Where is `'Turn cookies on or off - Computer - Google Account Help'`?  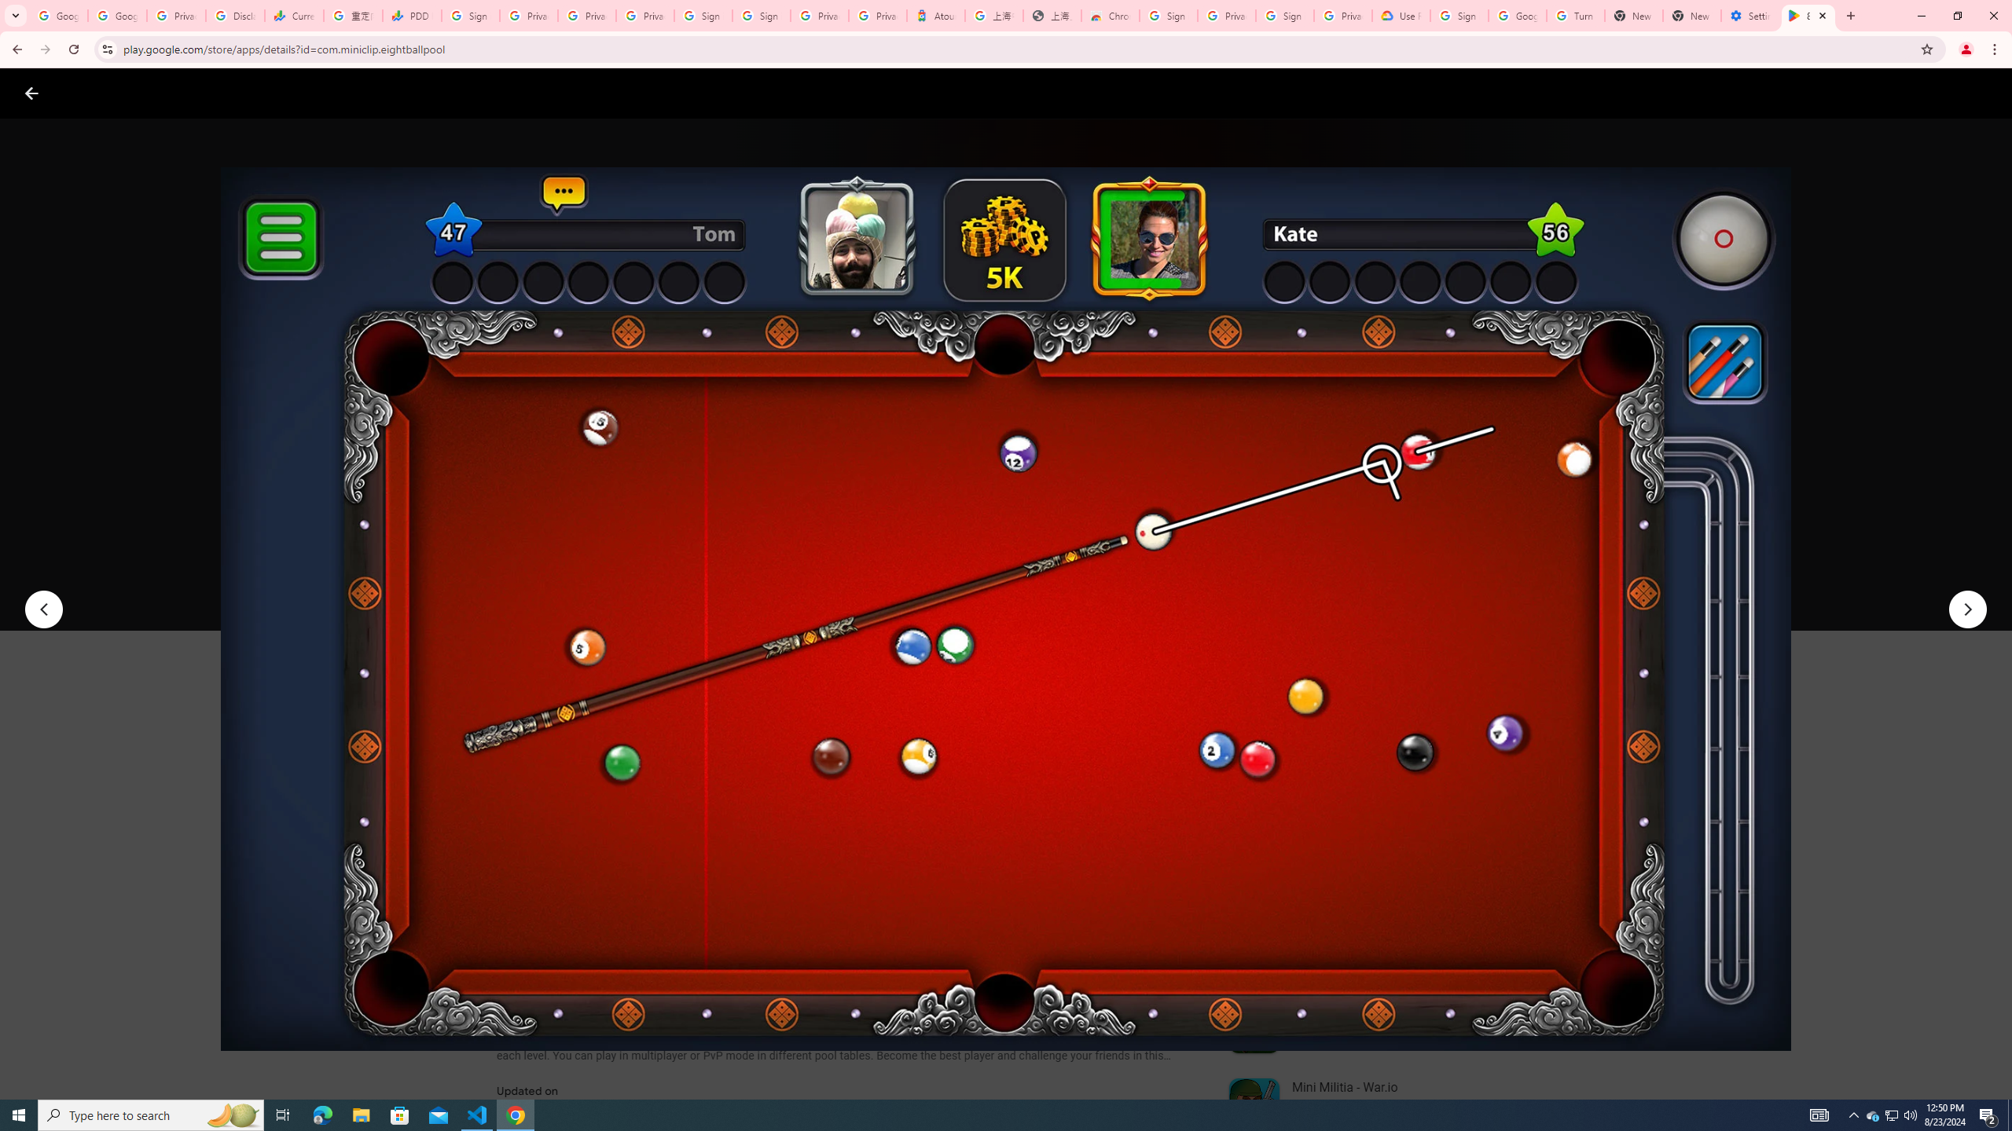
'Turn cookies on or off - Computer - Google Account Help' is located at coordinates (1574, 15).